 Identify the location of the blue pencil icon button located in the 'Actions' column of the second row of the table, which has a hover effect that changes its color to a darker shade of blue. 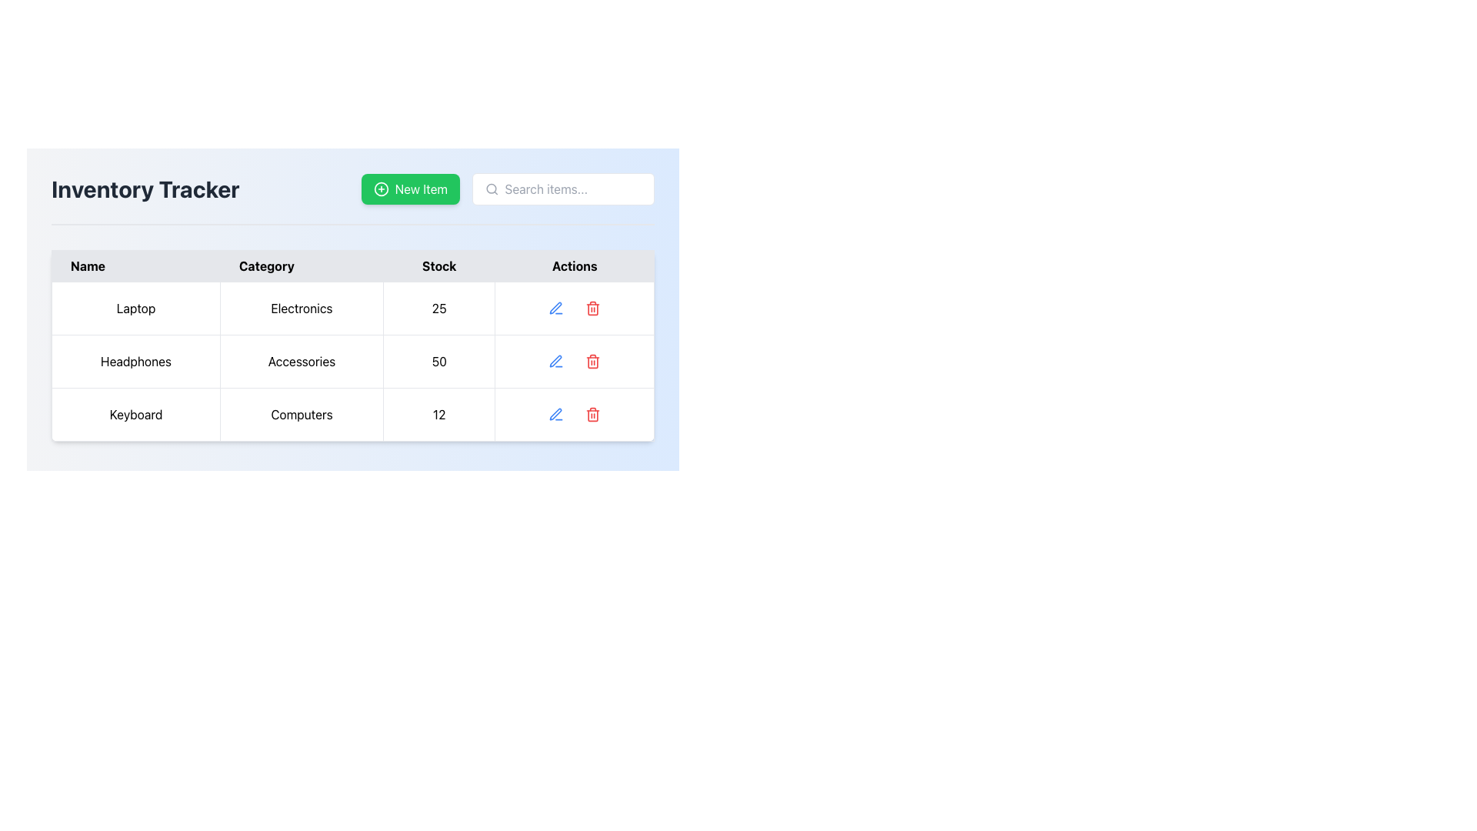
(555, 362).